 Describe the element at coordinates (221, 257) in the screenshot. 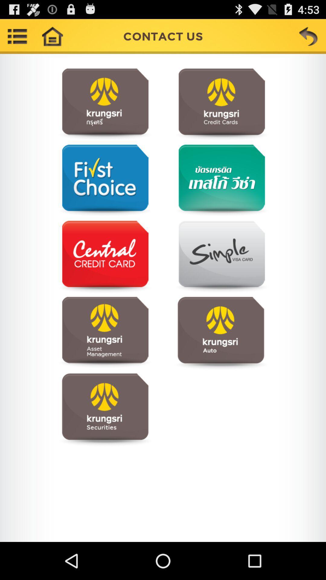

I see `simple visa option` at that location.